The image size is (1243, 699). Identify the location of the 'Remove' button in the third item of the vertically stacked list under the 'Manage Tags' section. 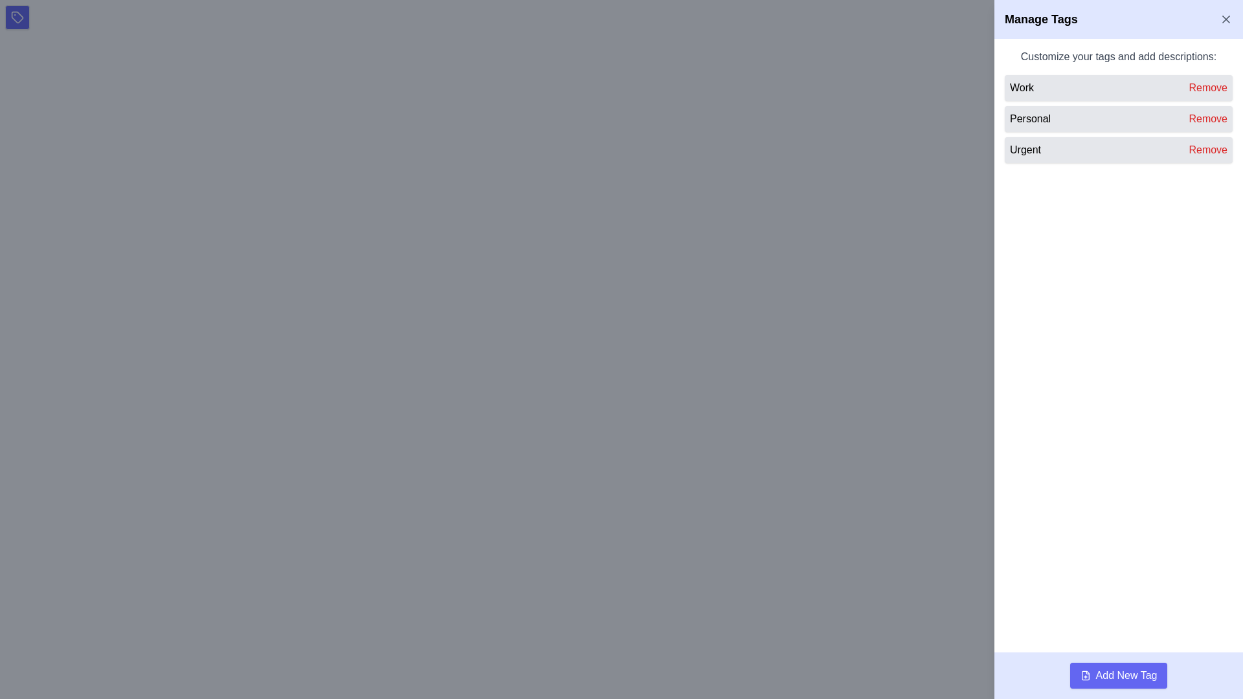
(1118, 149).